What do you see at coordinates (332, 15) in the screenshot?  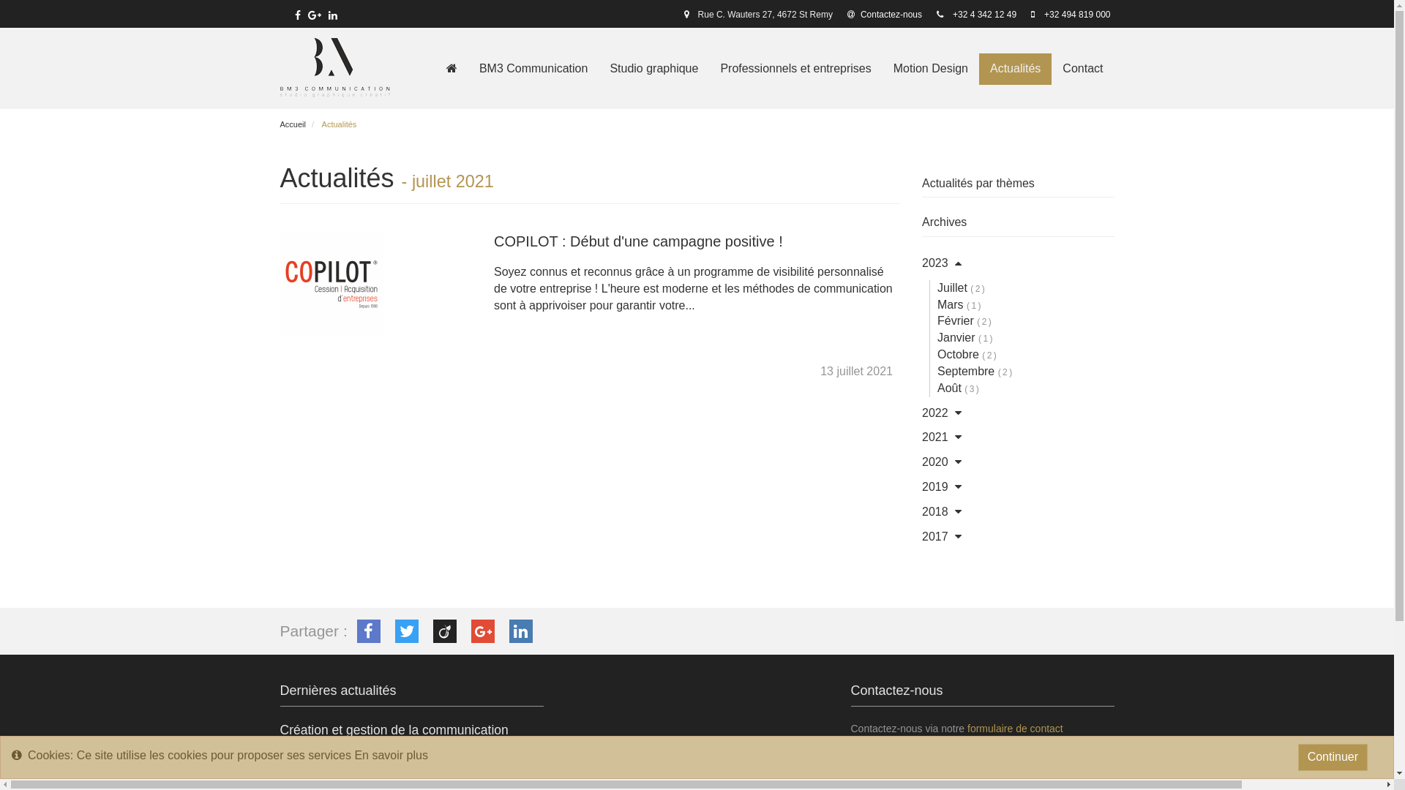 I see `'Suivez-nous sur LinkedIn'` at bounding box center [332, 15].